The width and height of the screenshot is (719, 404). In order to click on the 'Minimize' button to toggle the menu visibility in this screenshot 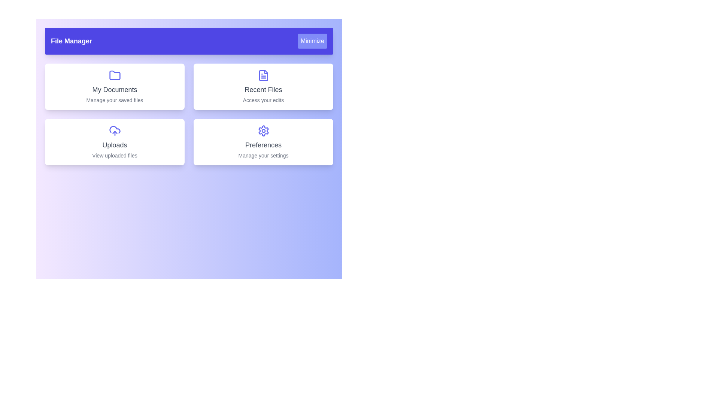, I will do `click(312, 41)`.